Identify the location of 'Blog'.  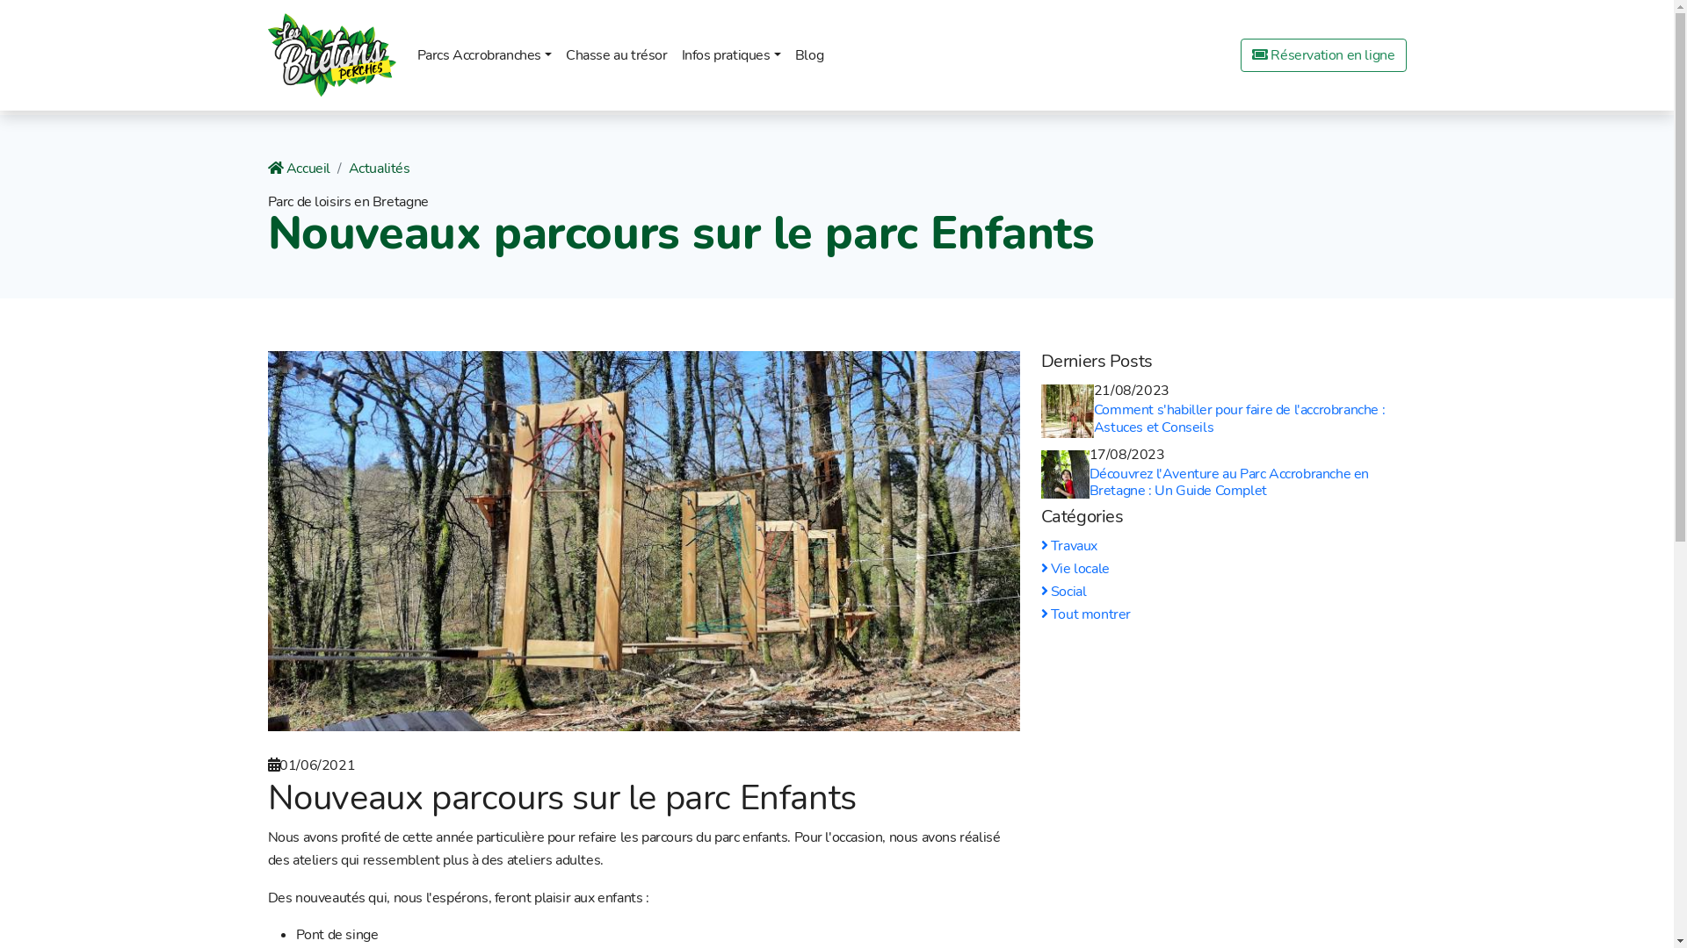
(808, 54).